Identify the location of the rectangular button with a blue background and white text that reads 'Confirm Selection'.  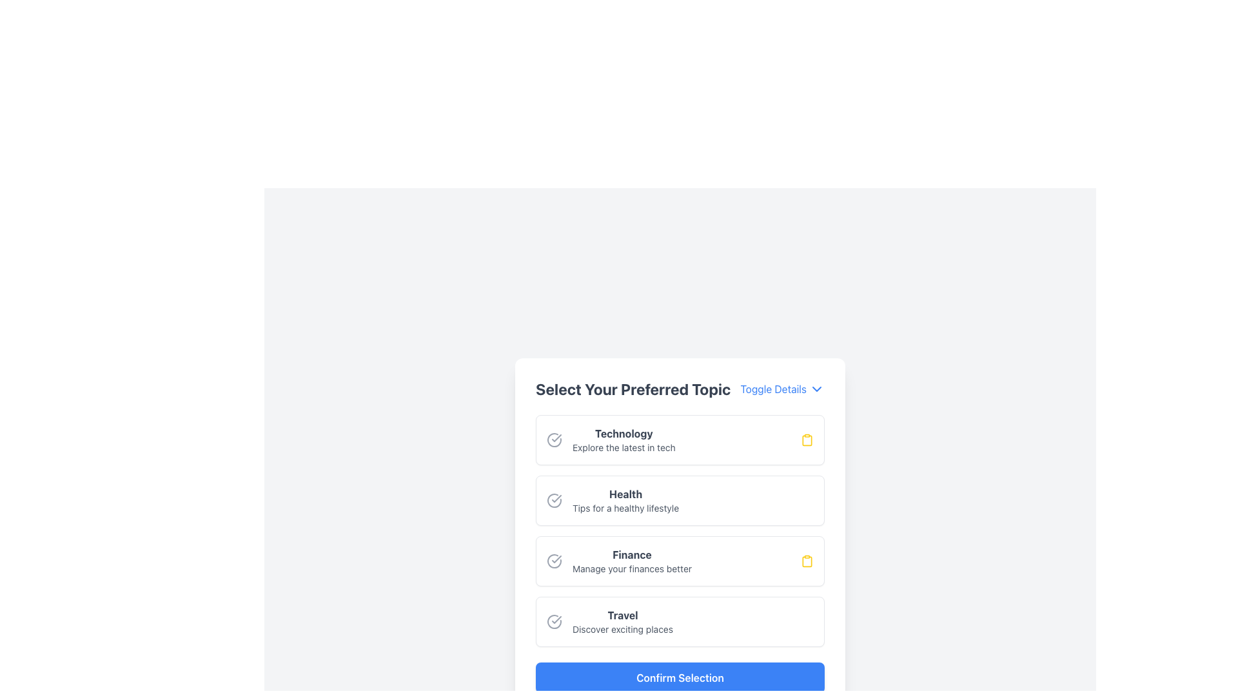
(680, 677).